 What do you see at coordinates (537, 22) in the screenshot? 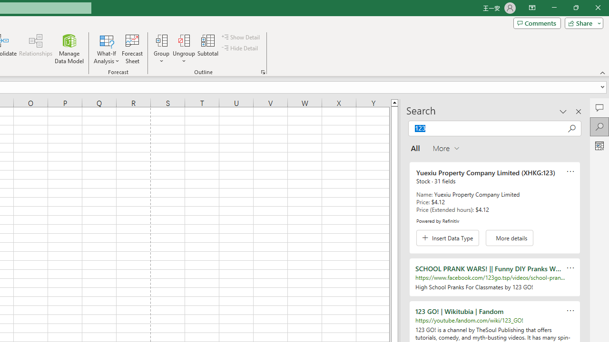
I see `'Comments'` at bounding box center [537, 22].